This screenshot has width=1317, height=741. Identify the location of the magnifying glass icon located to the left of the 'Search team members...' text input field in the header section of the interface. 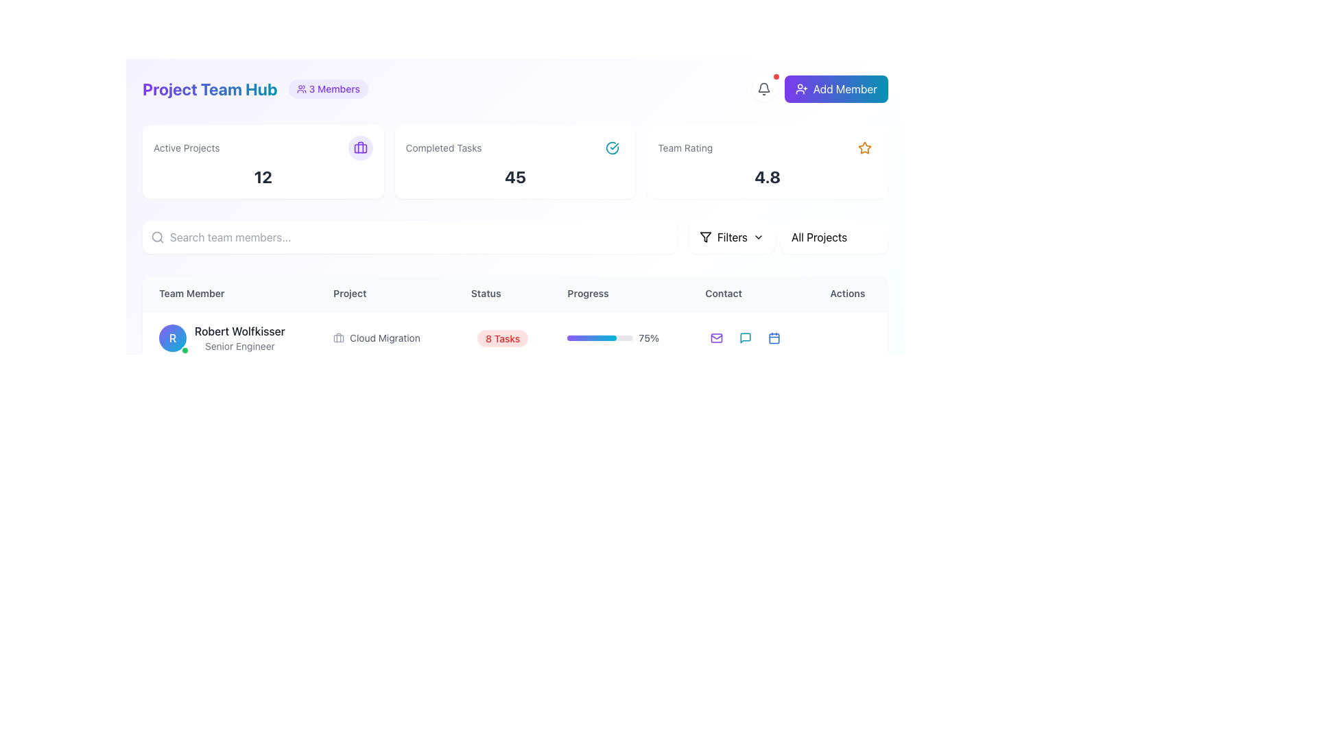
(158, 237).